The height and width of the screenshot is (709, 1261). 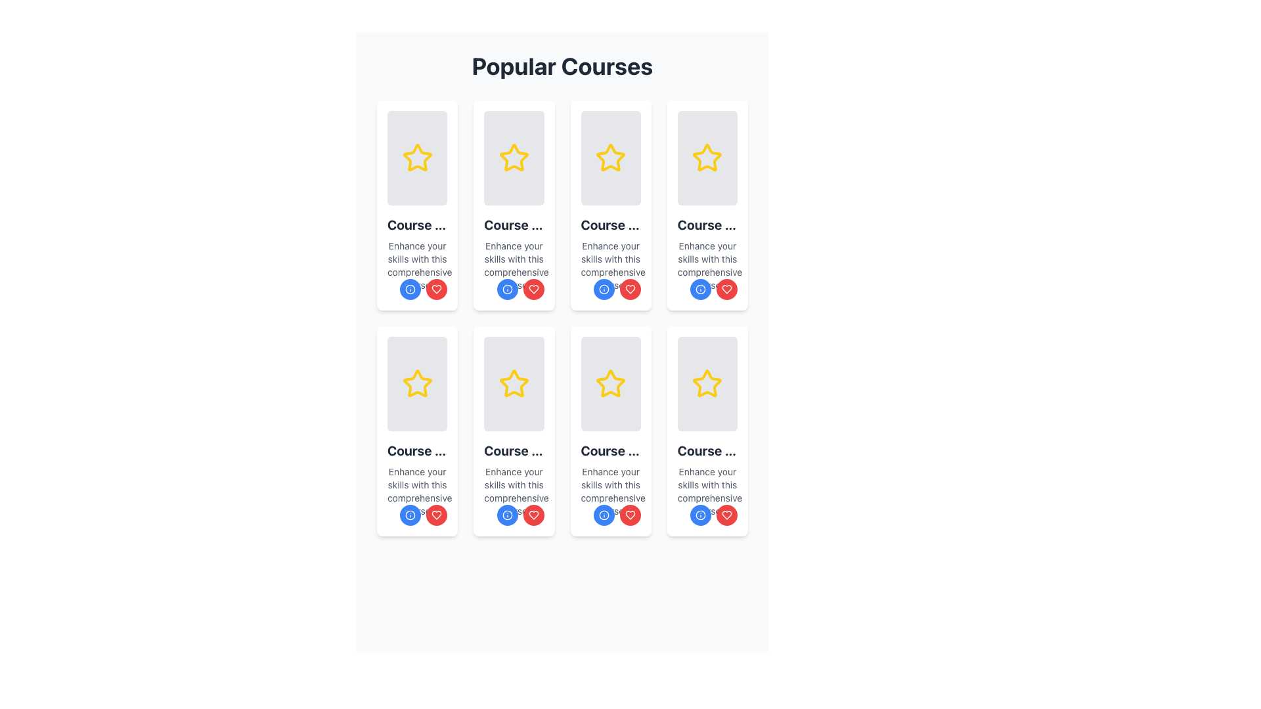 What do you see at coordinates (707, 450) in the screenshot?
I see `text content of the element displaying 'Course Title 8' in a bold font style, located in the fourth card of the second row in the grid of course cards, just below the yellow star icon` at bounding box center [707, 450].